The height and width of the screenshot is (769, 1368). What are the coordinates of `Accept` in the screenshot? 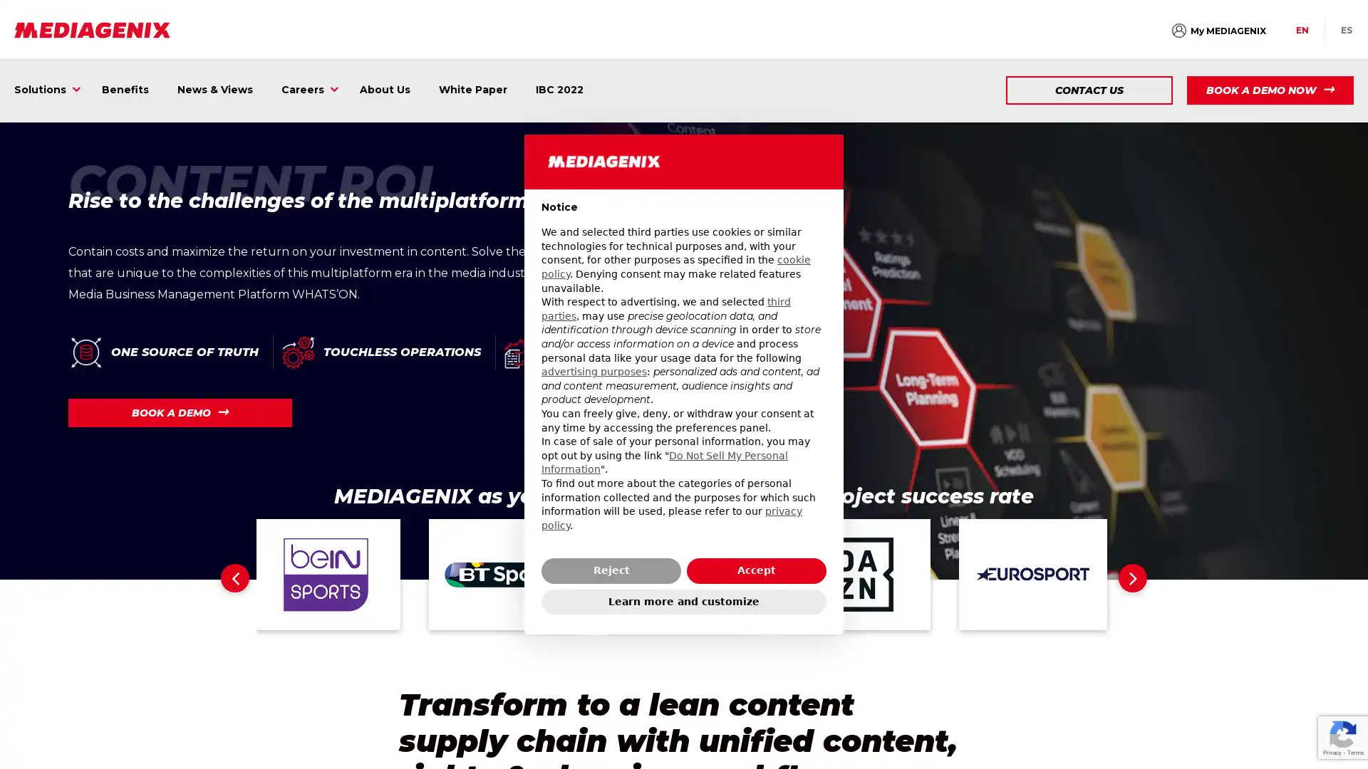 It's located at (755, 570).